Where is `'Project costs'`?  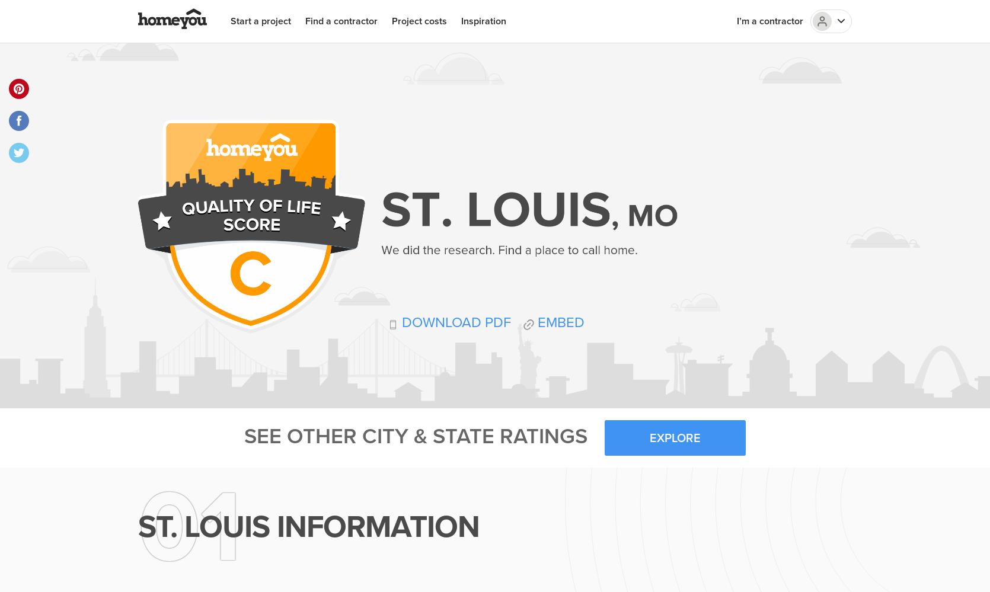
'Project costs' is located at coordinates (391, 21).